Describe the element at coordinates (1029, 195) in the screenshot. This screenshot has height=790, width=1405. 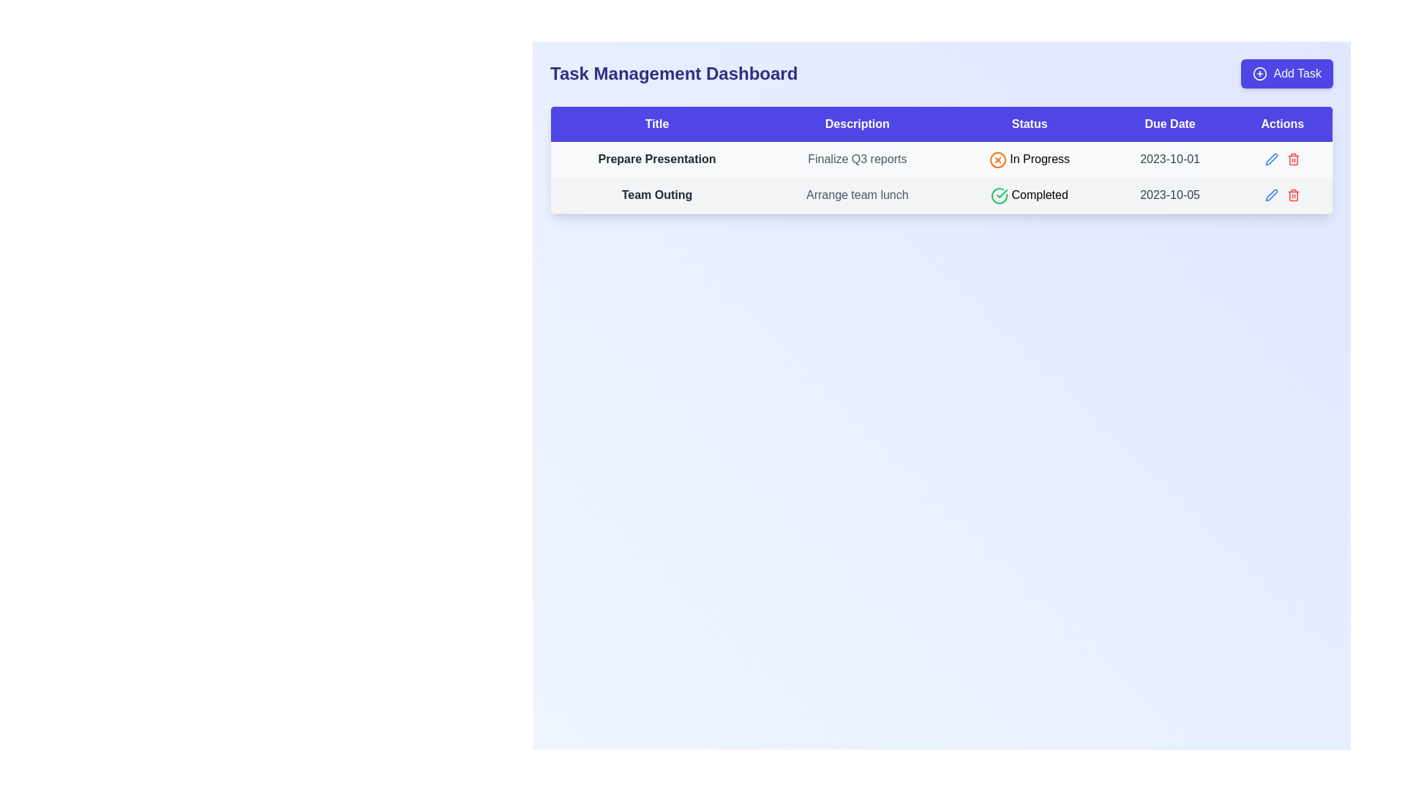
I see `text 'Completed' and interpret the green circular checkmark icon in the Status indicator for the task 'Team Outing' in the Task Management Dashboard` at that location.